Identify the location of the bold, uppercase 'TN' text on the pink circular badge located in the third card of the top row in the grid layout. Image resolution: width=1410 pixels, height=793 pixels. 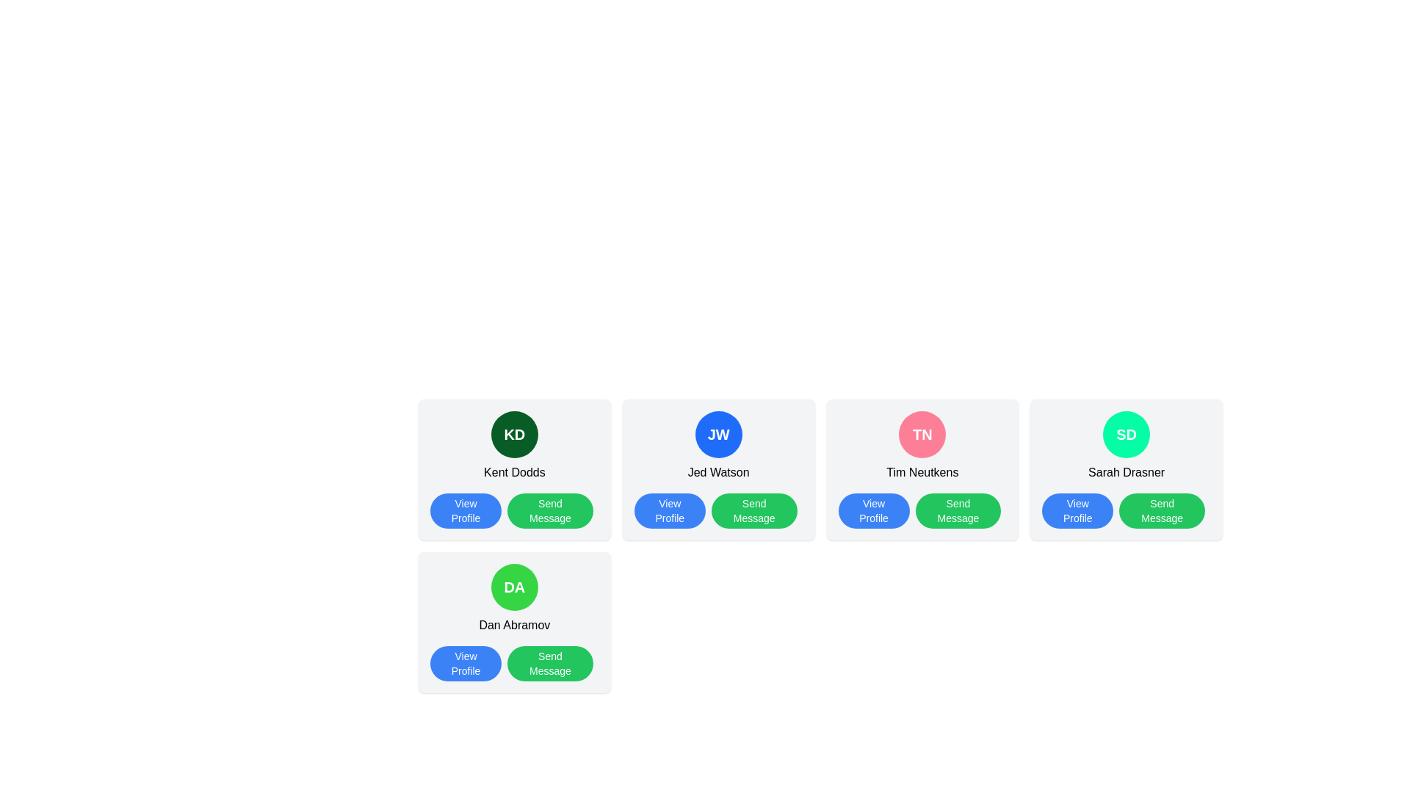
(922, 433).